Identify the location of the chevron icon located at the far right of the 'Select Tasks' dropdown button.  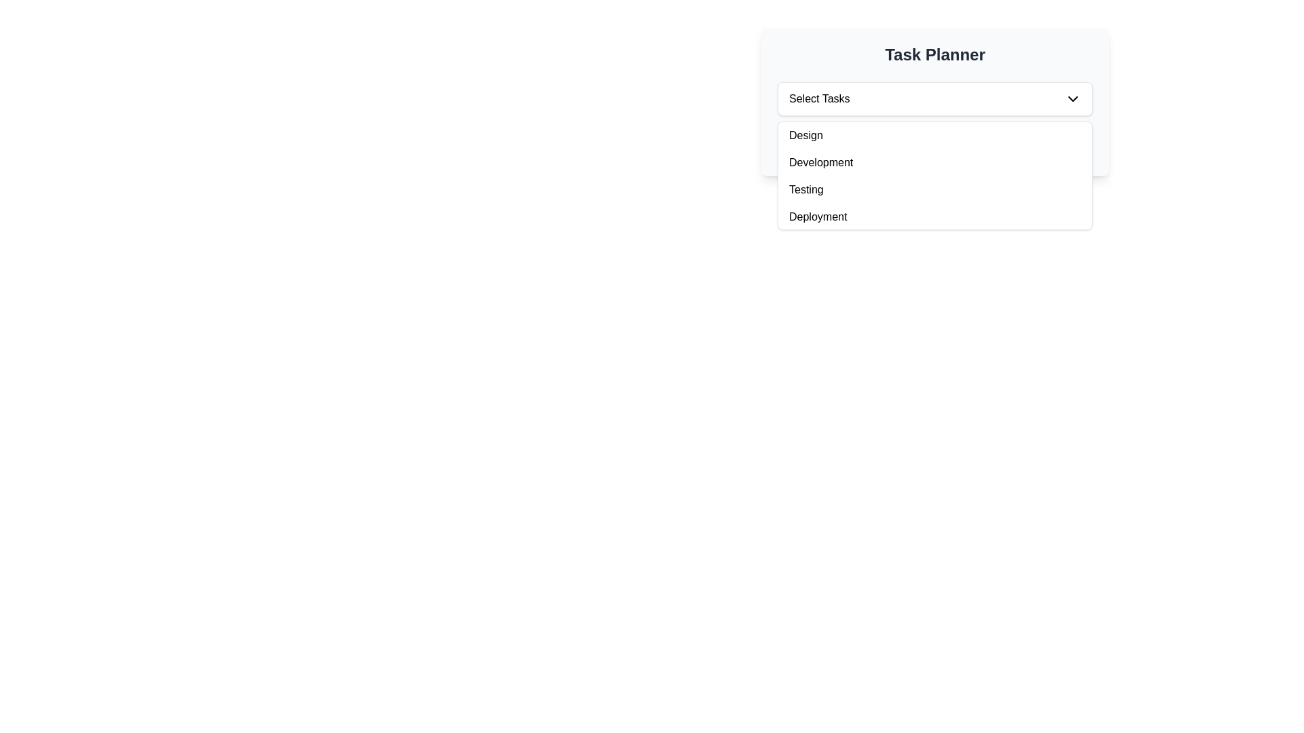
(1072, 98).